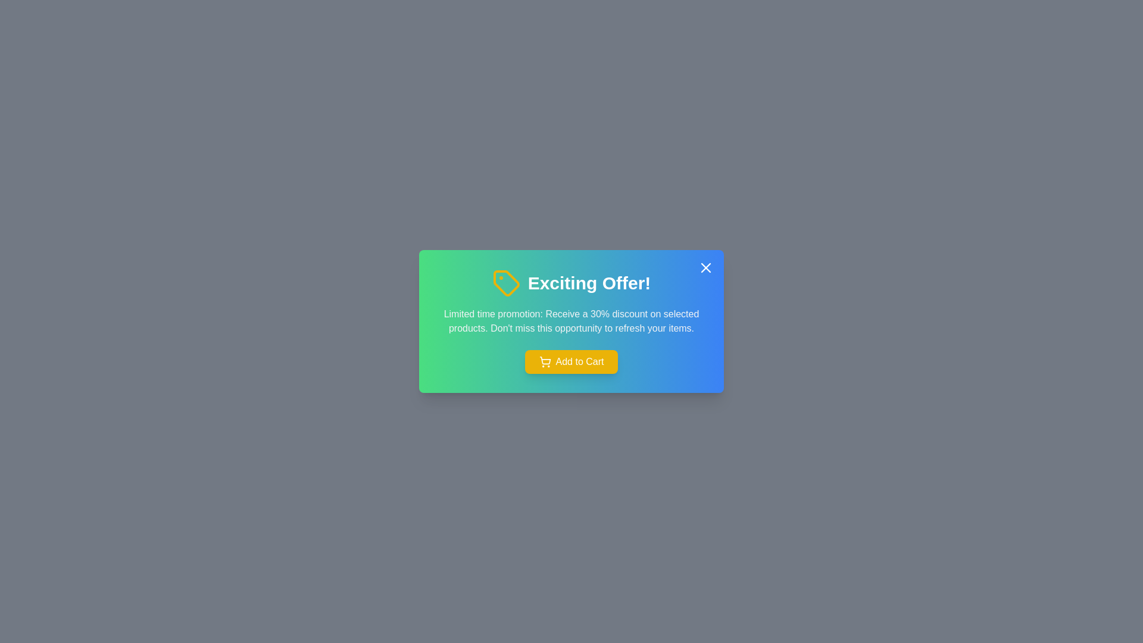 This screenshot has width=1143, height=643. What do you see at coordinates (571, 361) in the screenshot?
I see `the 'Add to Cart' button to proceed with the promotion` at bounding box center [571, 361].